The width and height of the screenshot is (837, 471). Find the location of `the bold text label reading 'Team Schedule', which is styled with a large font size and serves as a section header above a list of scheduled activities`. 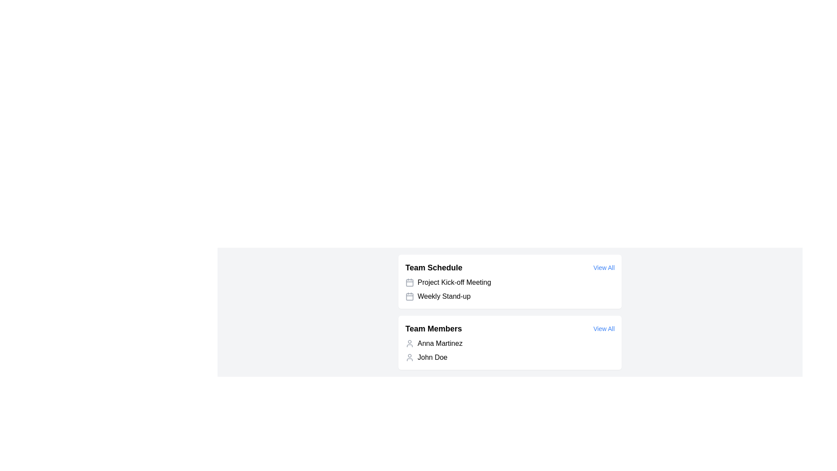

the bold text label reading 'Team Schedule', which is styled with a large font size and serves as a section header above a list of scheduled activities is located at coordinates (434, 267).